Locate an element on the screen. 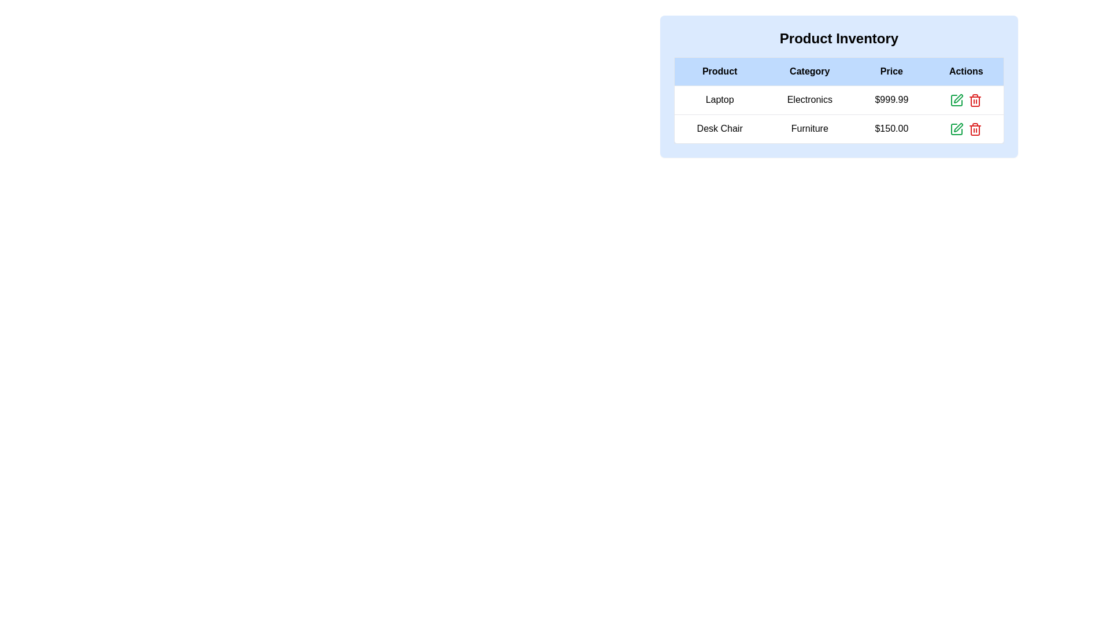 The width and height of the screenshot is (1110, 624). text from the 'Product' Table Header Cell, which is the first column header in a light blue band within the table is located at coordinates (719, 71).